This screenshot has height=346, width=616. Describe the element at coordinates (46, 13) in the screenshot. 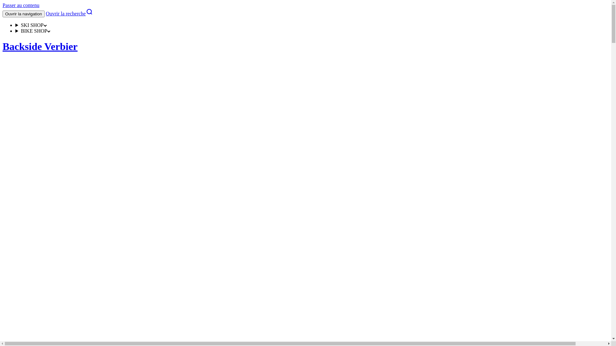

I see `'Ouvrir la recherche'` at that location.